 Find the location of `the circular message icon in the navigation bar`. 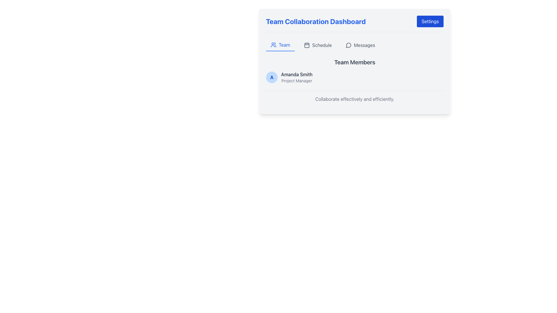

the circular message icon in the navigation bar is located at coordinates (348, 45).